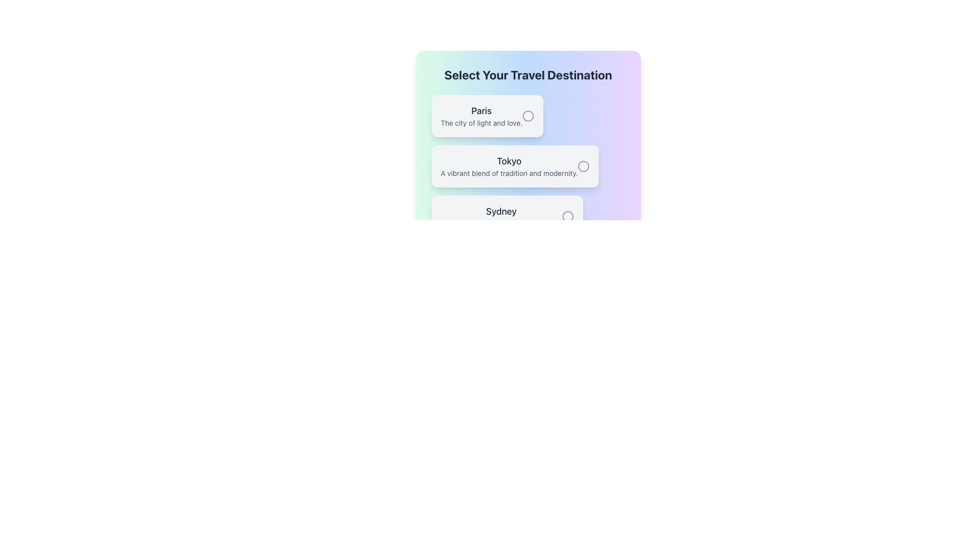 Image resolution: width=966 pixels, height=543 pixels. Describe the element at coordinates (528, 74) in the screenshot. I see `the title heading that provides context for travel destinations, located at the top of the selection list` at that location.